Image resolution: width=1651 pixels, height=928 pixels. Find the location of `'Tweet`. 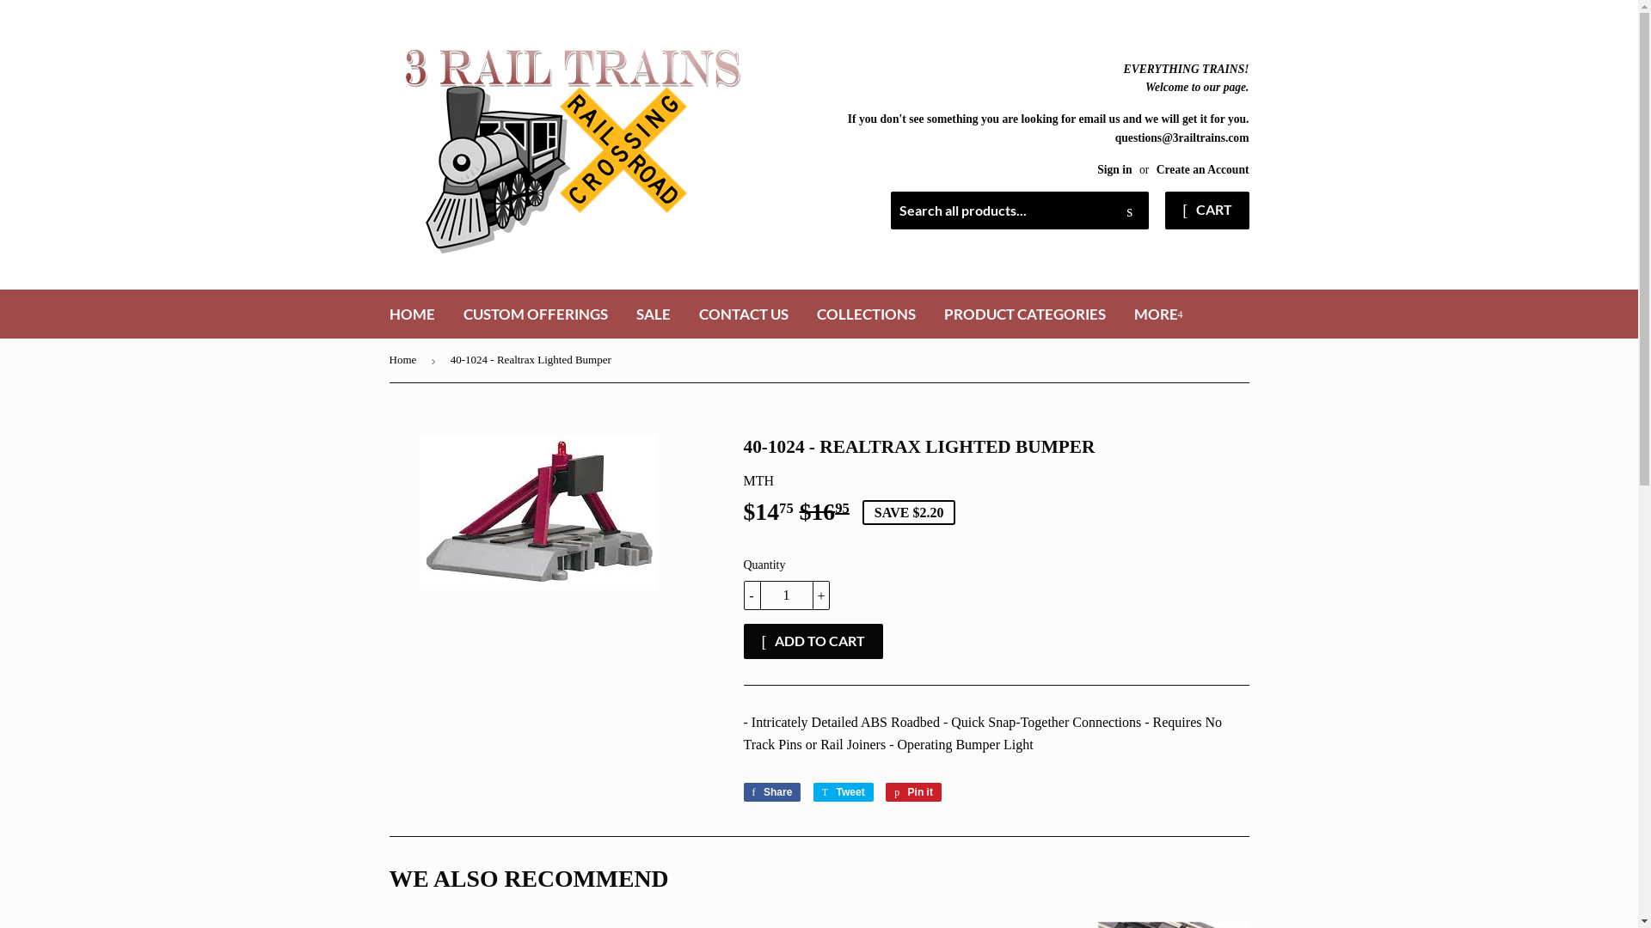

'Tweet is located at coordinates (812, 791).